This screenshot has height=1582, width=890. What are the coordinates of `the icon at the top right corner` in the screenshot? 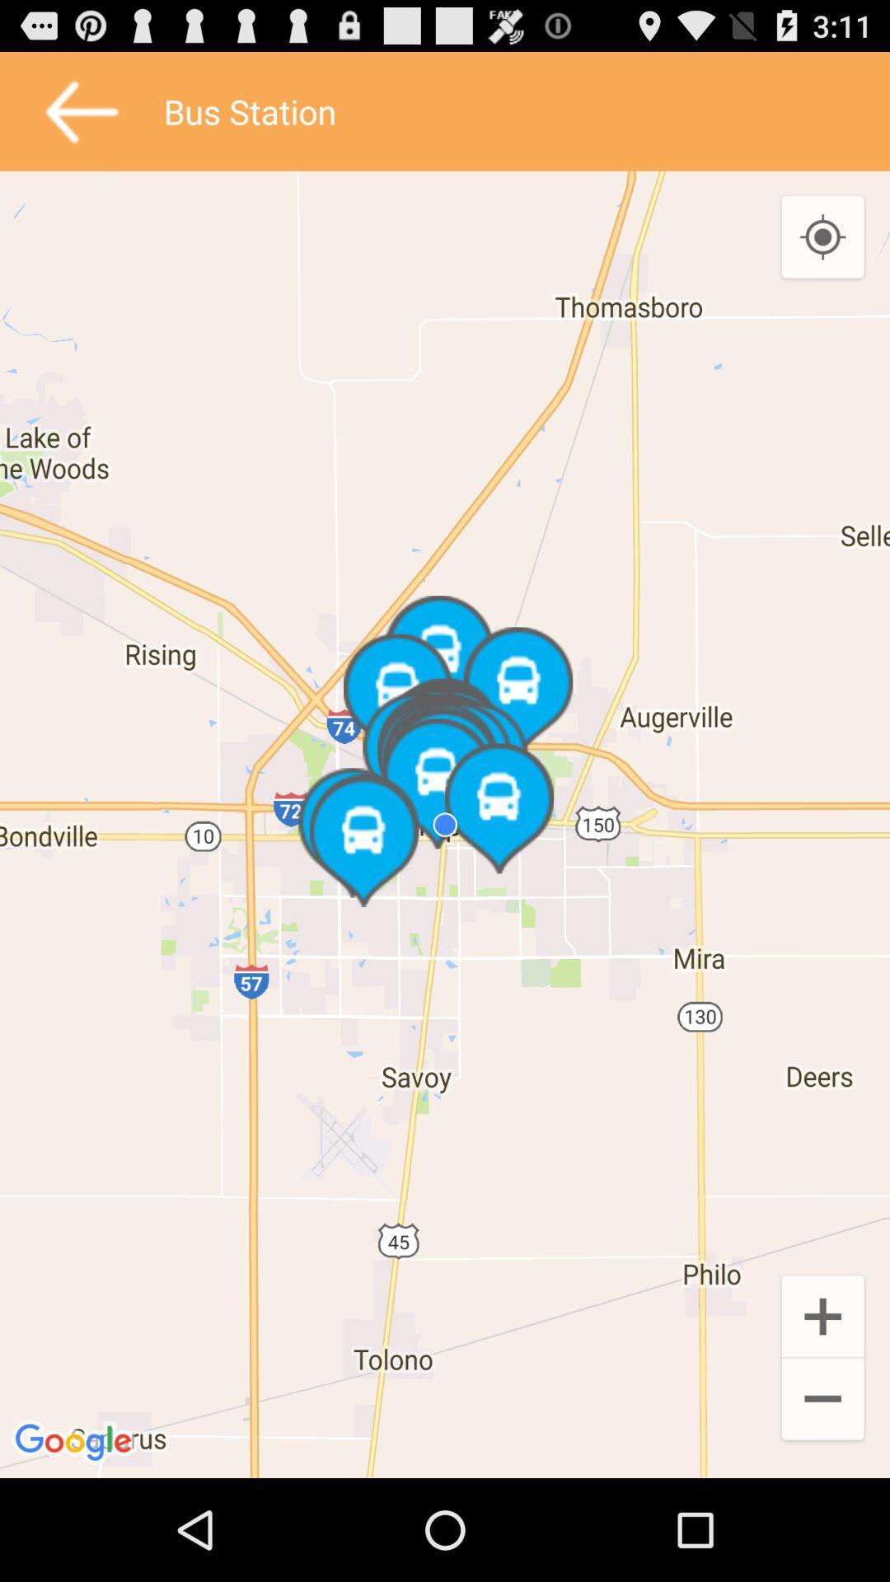 It's located at (822, 237).